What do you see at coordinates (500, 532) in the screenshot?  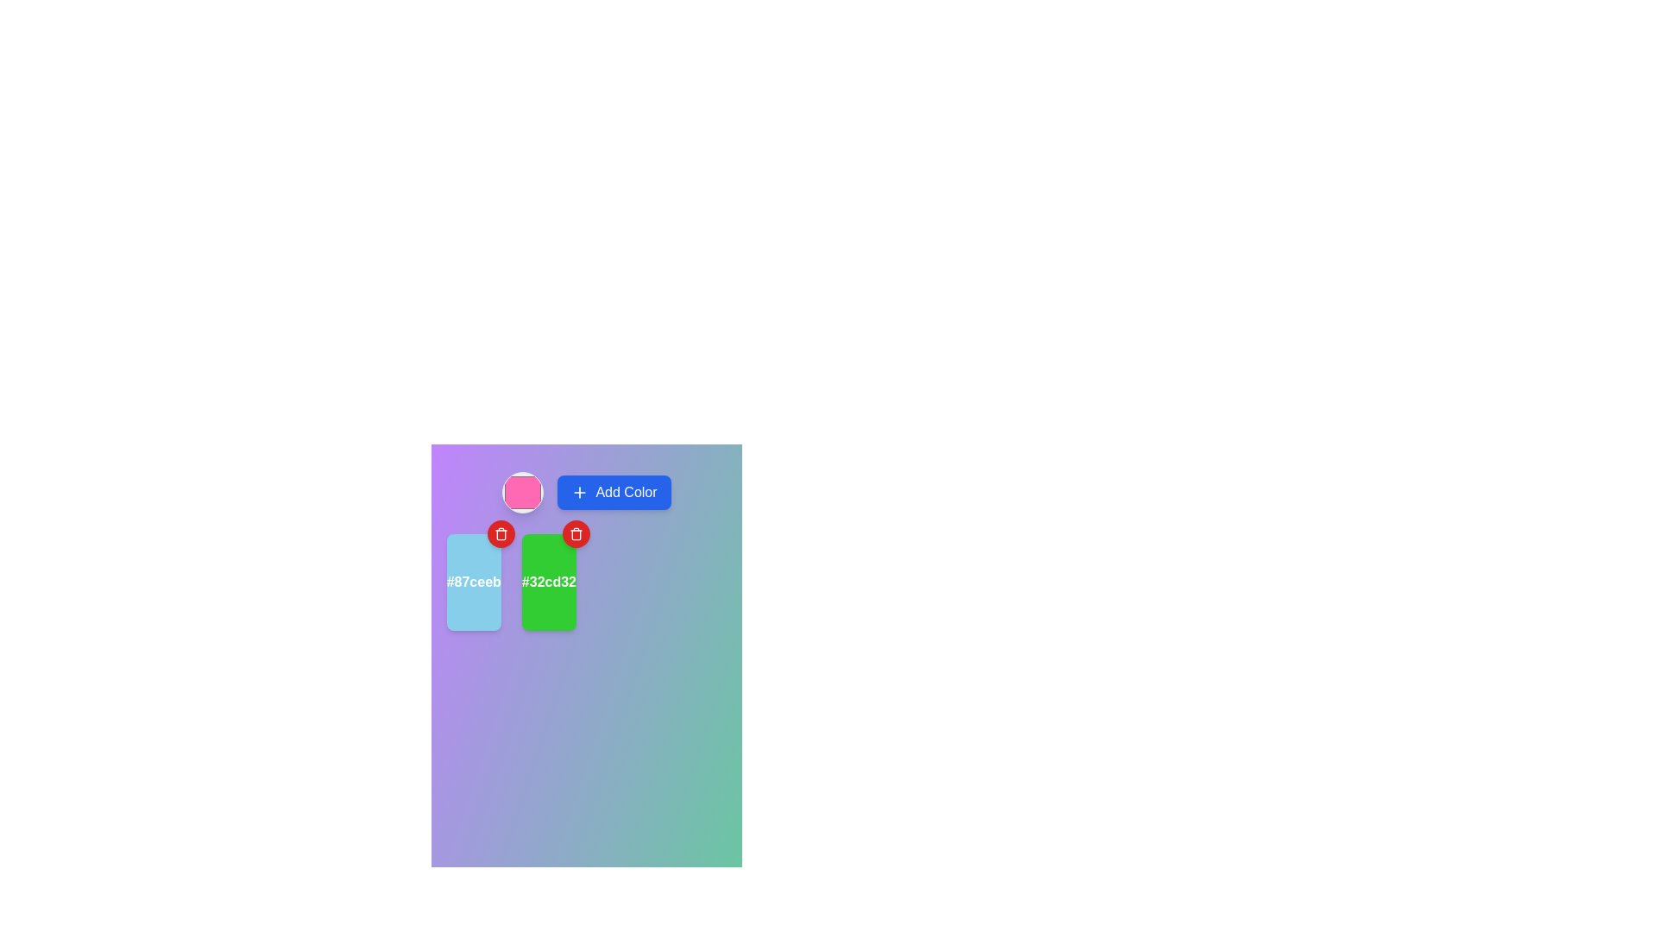 I see `the circular red button with a trash can icon located in the top-right corner of the blue card labeled '#87ceeb'` at bounding box center [500, 532].